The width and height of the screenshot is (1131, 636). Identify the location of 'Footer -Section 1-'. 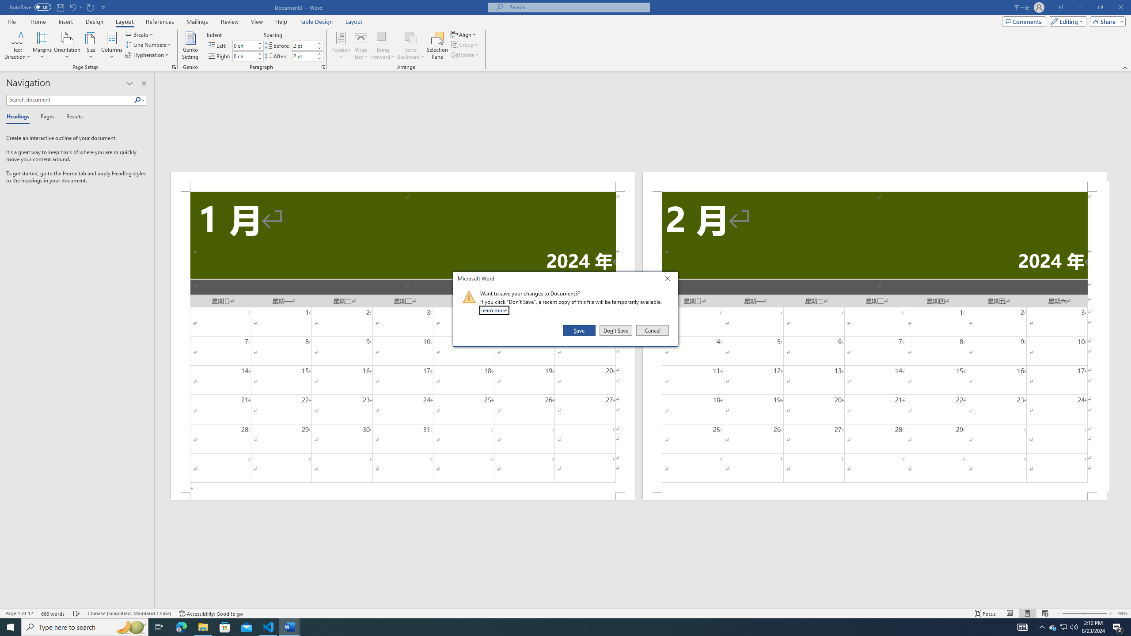
(403, 496).